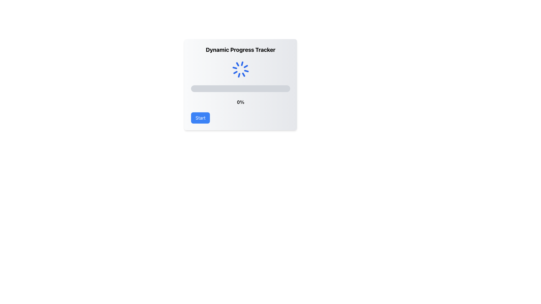 This screenshot has height=304, width=541. Describe the element at coordinates (242, 75) in the screenshot. I see `the vertical line of the blue circular loading graphic located at the top-central part of the spinner icon` at that location.